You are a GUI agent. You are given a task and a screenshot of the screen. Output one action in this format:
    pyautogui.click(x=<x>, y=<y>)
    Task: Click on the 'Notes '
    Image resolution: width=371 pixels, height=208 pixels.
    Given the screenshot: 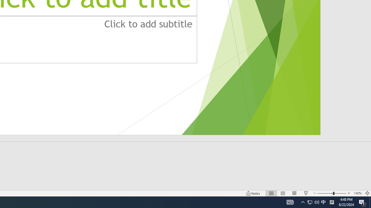 What is the action you would take?
    pyautogui.click(x=253, y=193)
    